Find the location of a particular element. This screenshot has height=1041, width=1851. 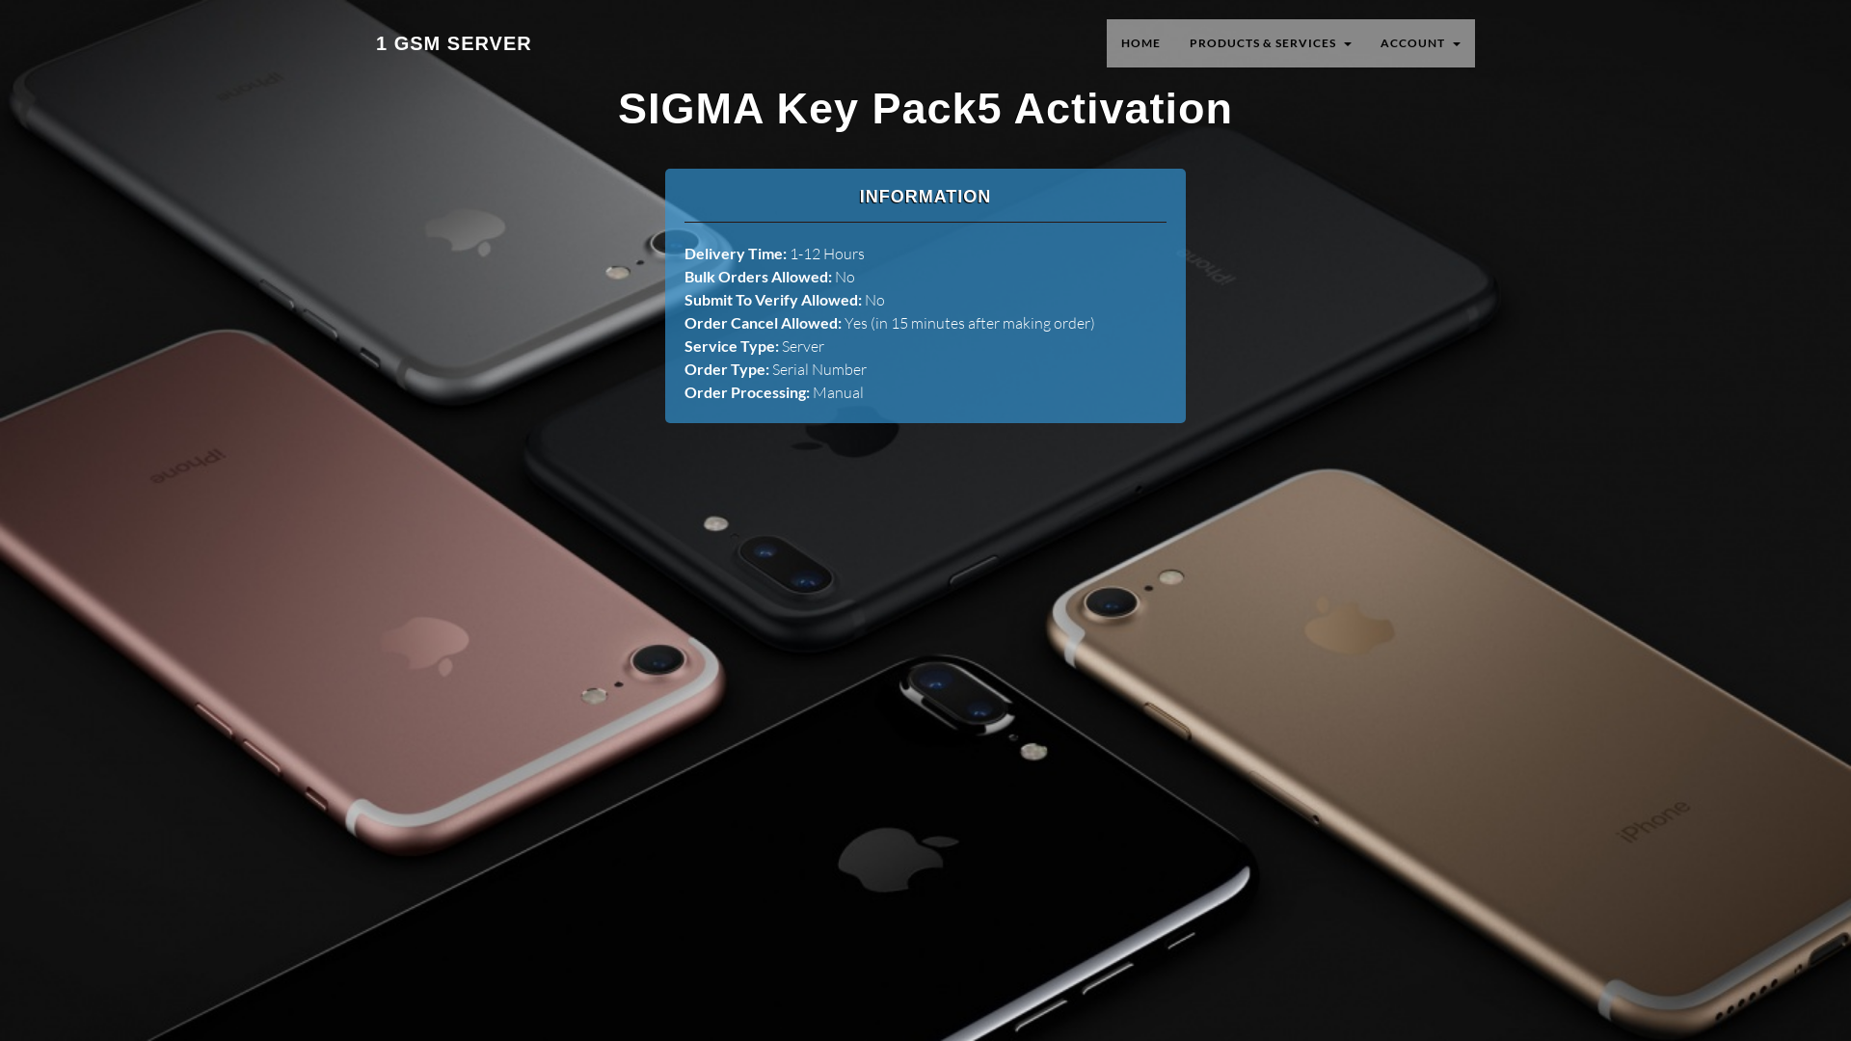

'HOME' is located at coordinates (1140, 43).